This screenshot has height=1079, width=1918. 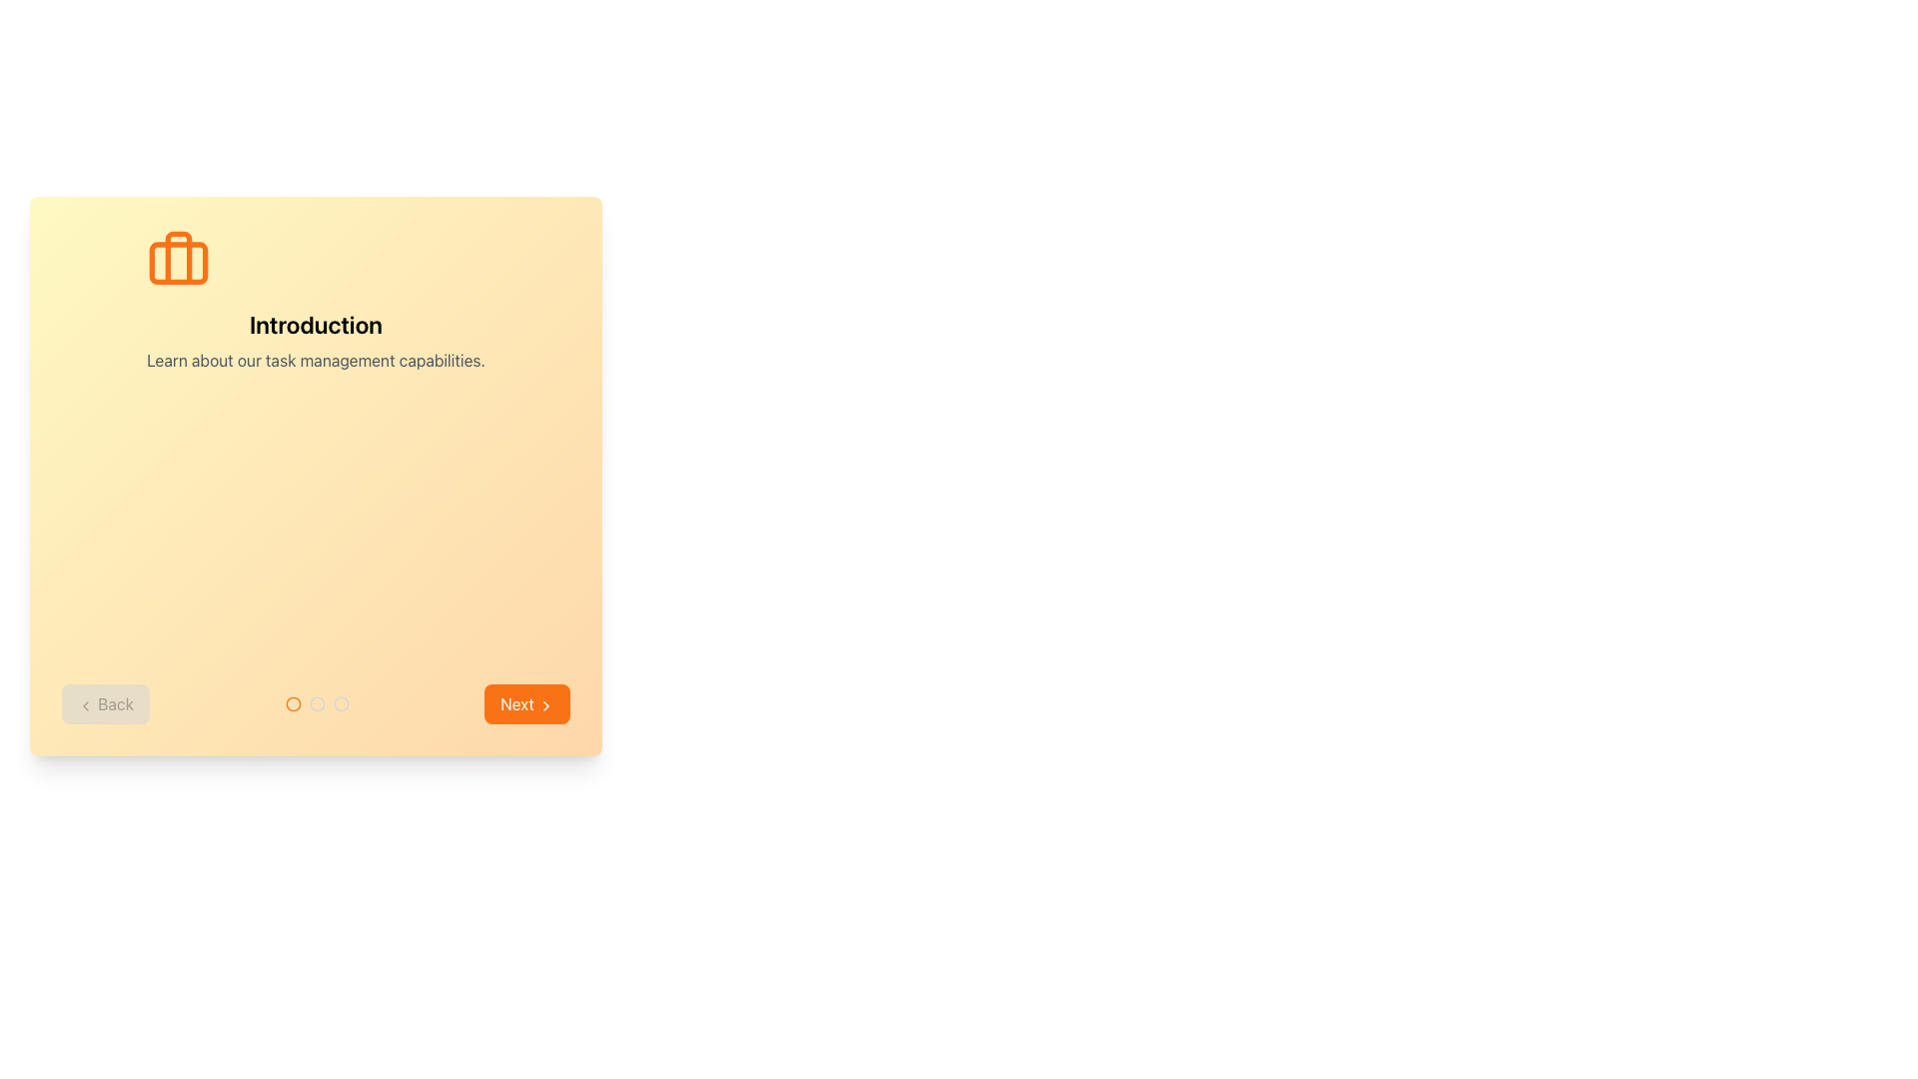 What do you see at coordinates (179, 262) in the screenshot?
I see `the rectangular segment of the orange briefcase icon, which is centered within the icon's composition` at bounding box center [179, 262].